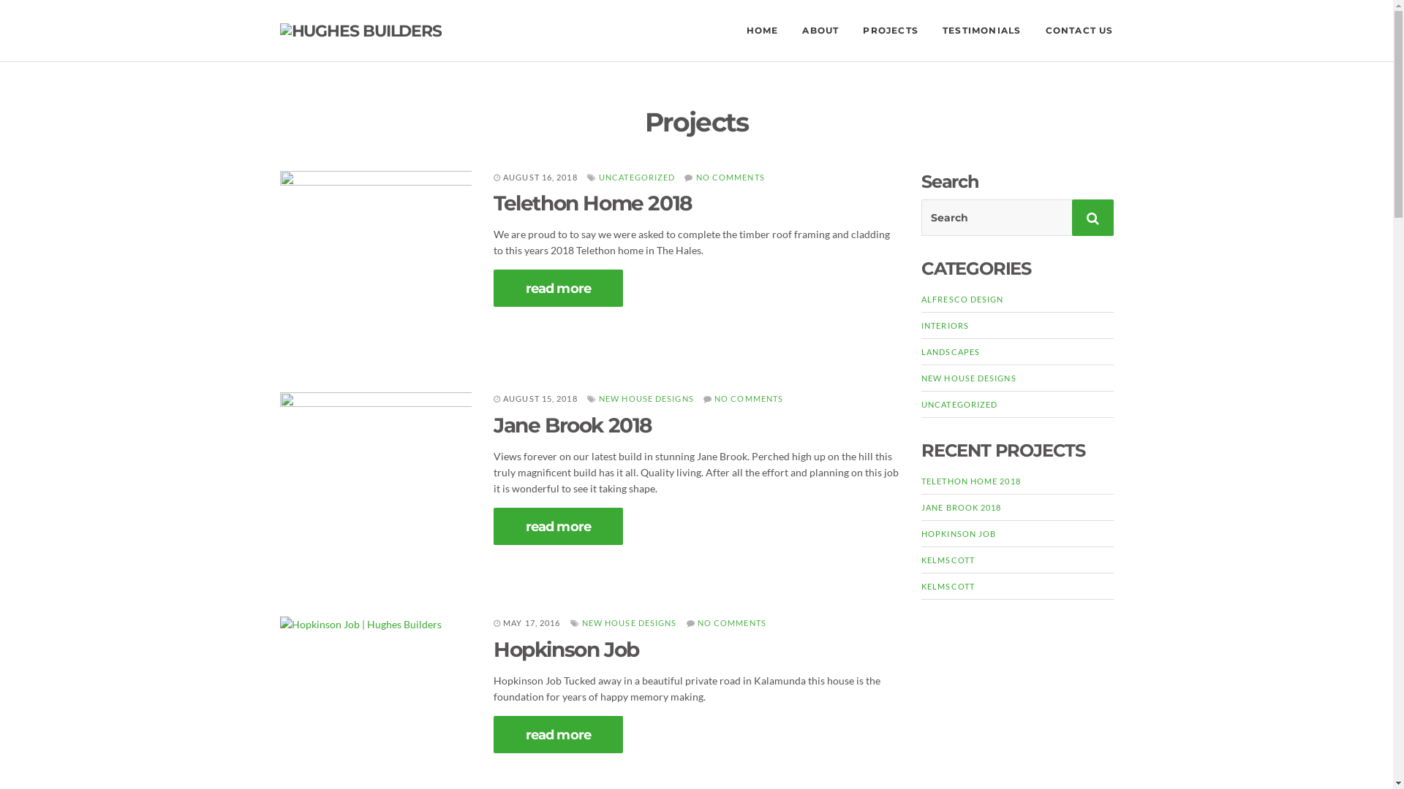 The width and height of the screenshot is (1404, 789). Describe the element at coordinates (1016, 298) in the screenshot. I see `'ALFRESCO DESIGN'` at that location.